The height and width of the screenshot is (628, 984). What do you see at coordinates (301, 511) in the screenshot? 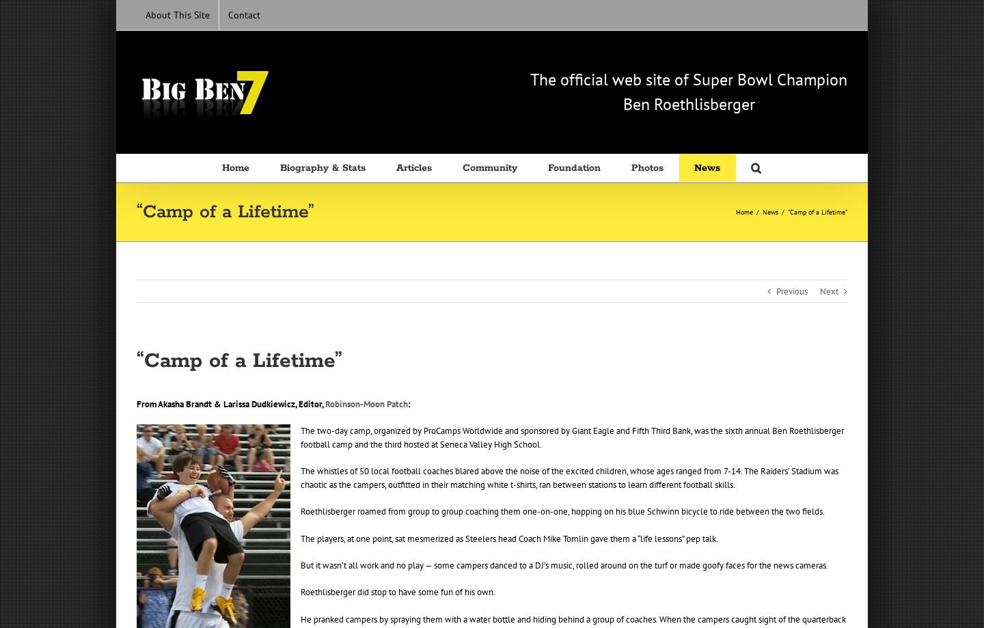
I see `'Roethlisberger roamed from group to group coaching them one-on-one, hopping on his blue Schwinn bicycle to ride between the two fields.'` at bounding box center [301, 511].